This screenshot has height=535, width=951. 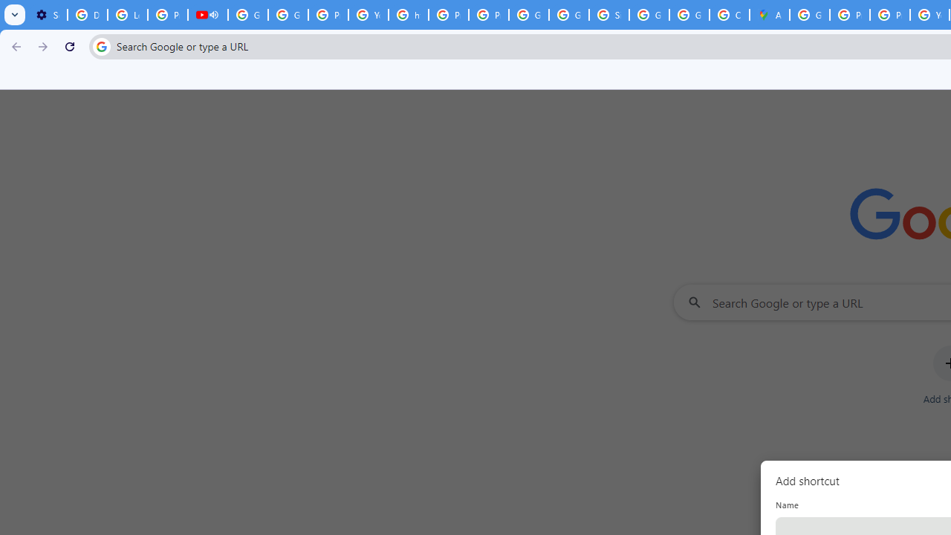 I want to click on 'YouTube', so click(x=369, y=15).